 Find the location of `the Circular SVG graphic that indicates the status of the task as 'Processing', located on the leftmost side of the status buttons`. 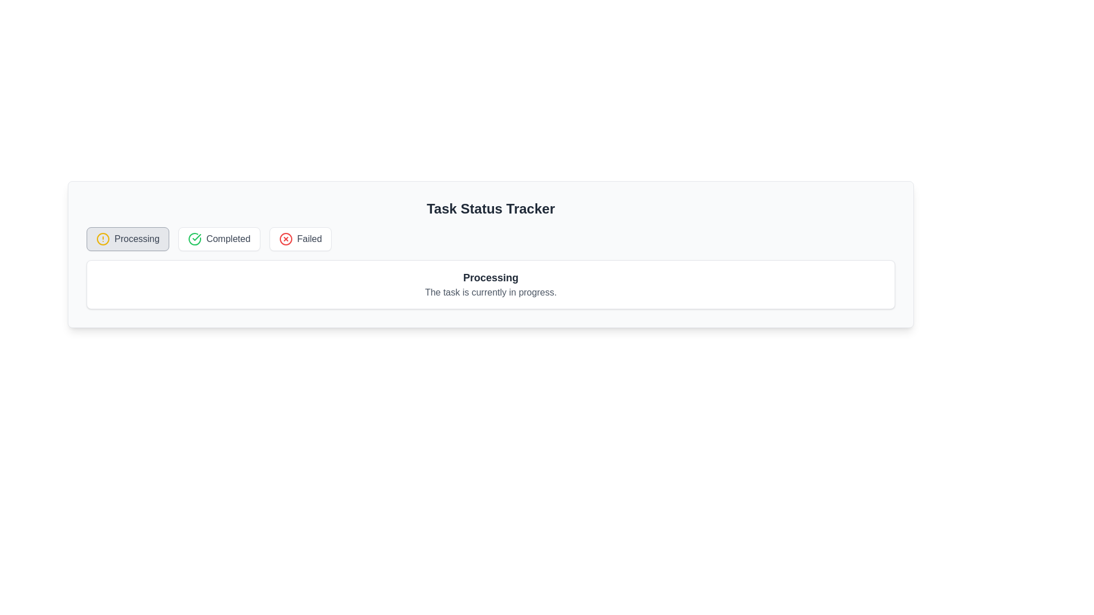

the Circular SVG graphic that indicates the status of the task as 'Processing', located on the leftmost side of the status buttons is located at coordinates (103, 239).